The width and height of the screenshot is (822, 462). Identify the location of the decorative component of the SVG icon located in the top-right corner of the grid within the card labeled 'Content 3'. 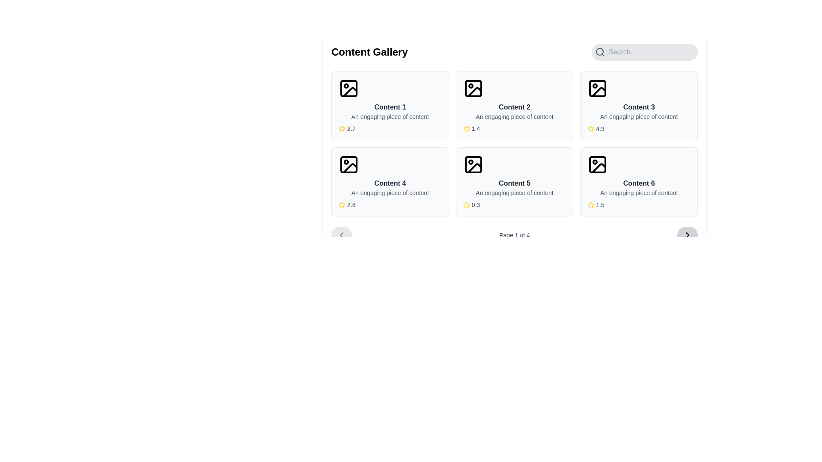
(597, 89).